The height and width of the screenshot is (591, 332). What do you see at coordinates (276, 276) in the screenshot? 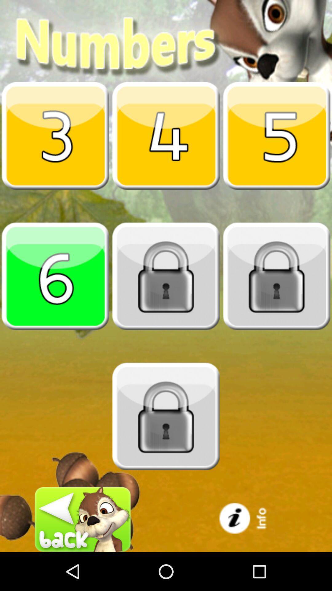
I see `check the locked item` at bounding box center [276, 276].